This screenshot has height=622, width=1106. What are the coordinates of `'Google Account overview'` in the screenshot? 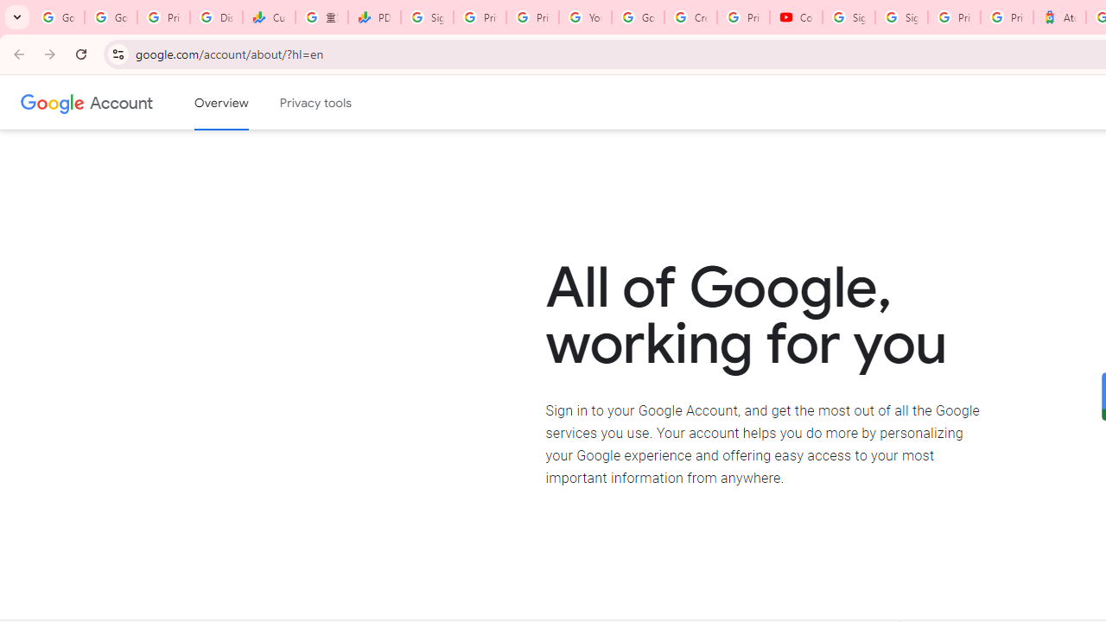 It's located at (220, 103).